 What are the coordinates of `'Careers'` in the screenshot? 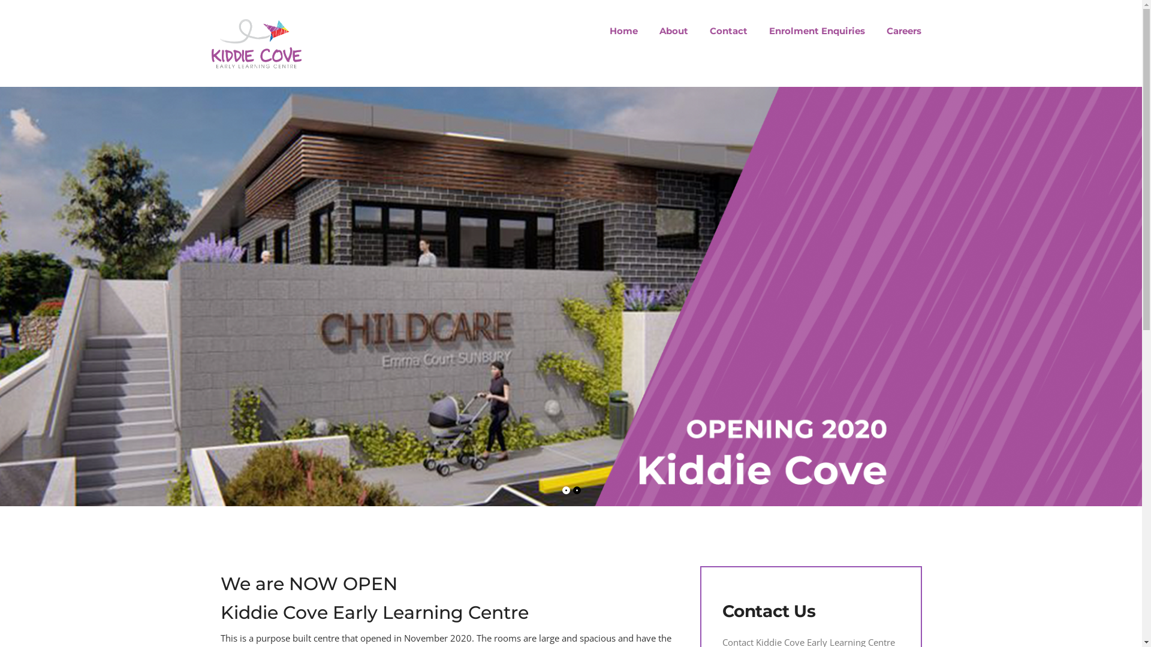 It's located at (898, 30).